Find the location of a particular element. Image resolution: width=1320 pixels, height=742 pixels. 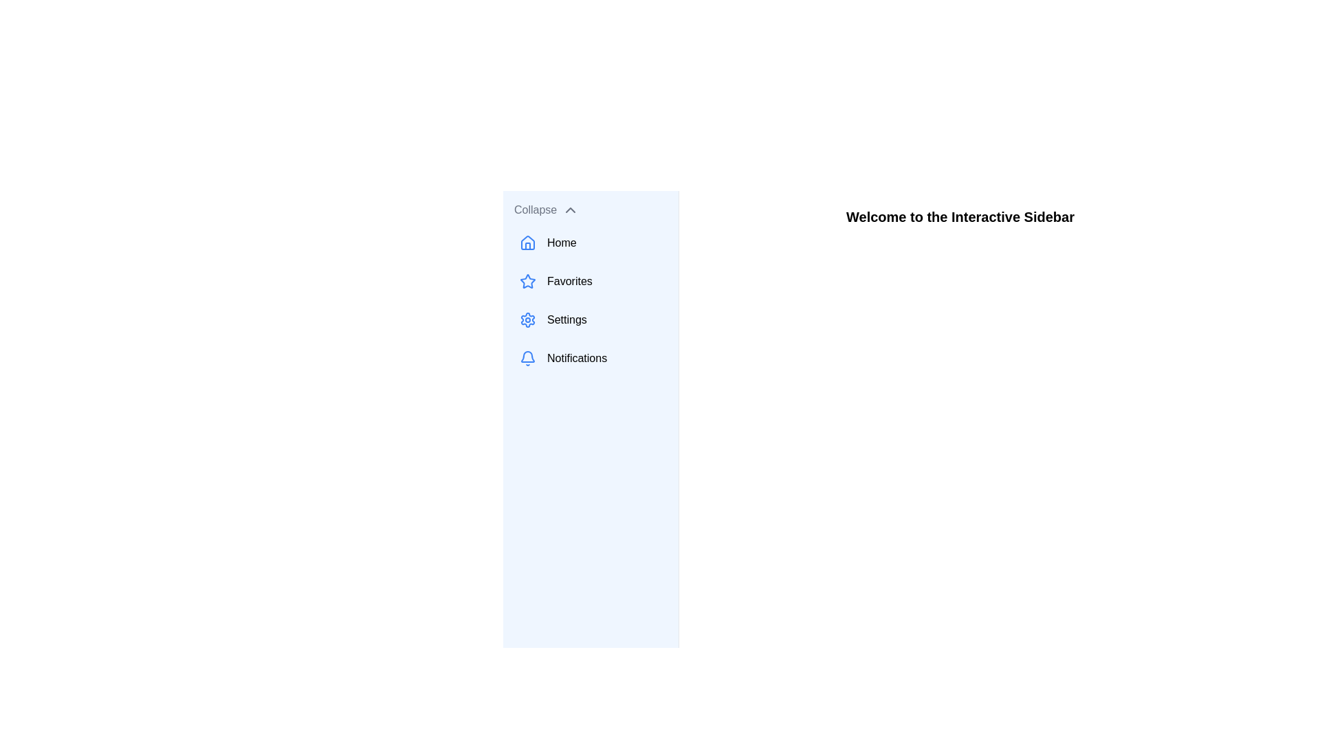

the gear-shaped 'Settings' icon located in the sidebar, positioned slightly above the text label 'Settings' is located at coordinates (527, 320).